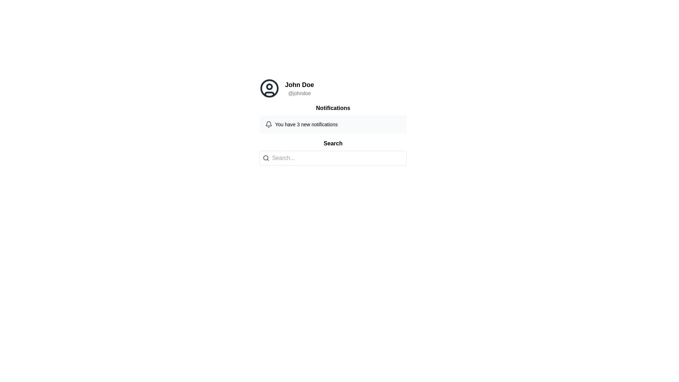 The image size is (679, 382). What do you see at coordinates (332, 108) in the screenshot?
I see `text of the 'Notifications' header, which is a bold and prominent label located above the notification details and below the user profile section` at bounding box center [332, 108].